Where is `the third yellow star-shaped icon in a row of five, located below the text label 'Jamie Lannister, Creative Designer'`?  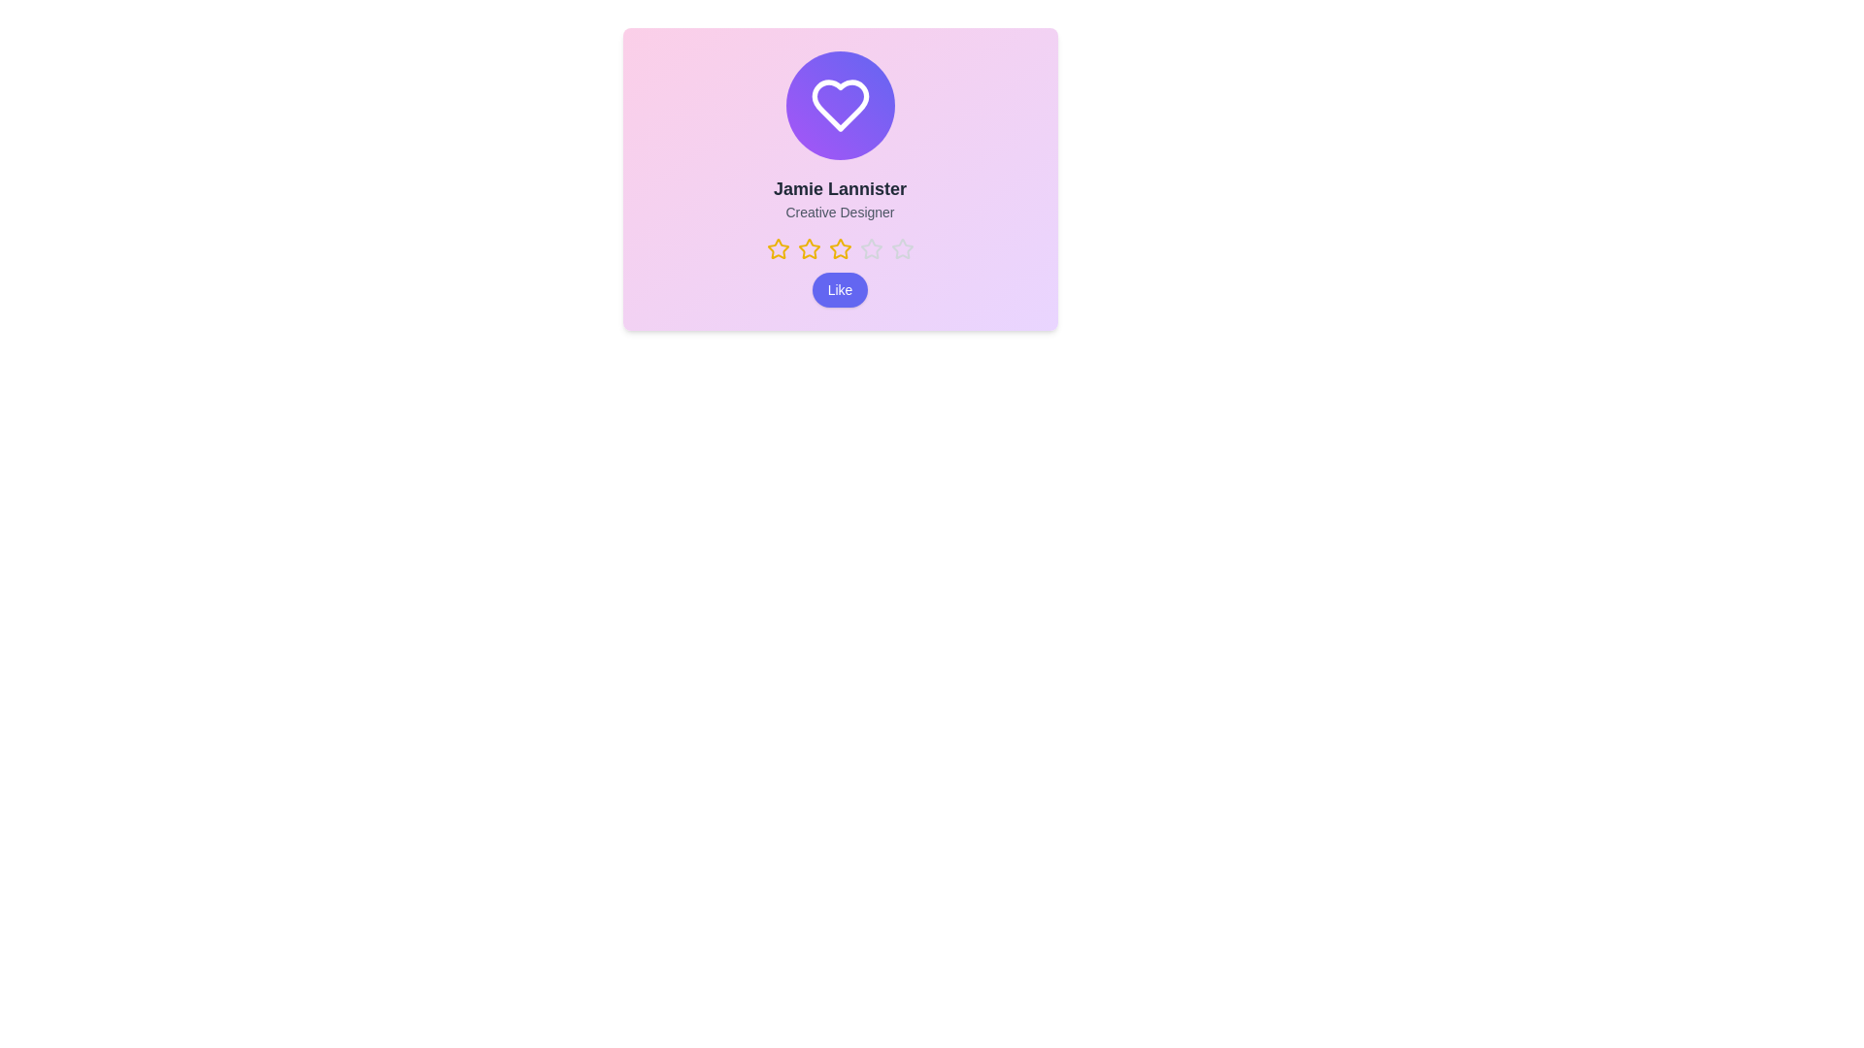 the third yellow star-shaped icon in a row of five, located below the text label 'Jamie Lannister, Creative Designer' is located at coordinates (809, 248).